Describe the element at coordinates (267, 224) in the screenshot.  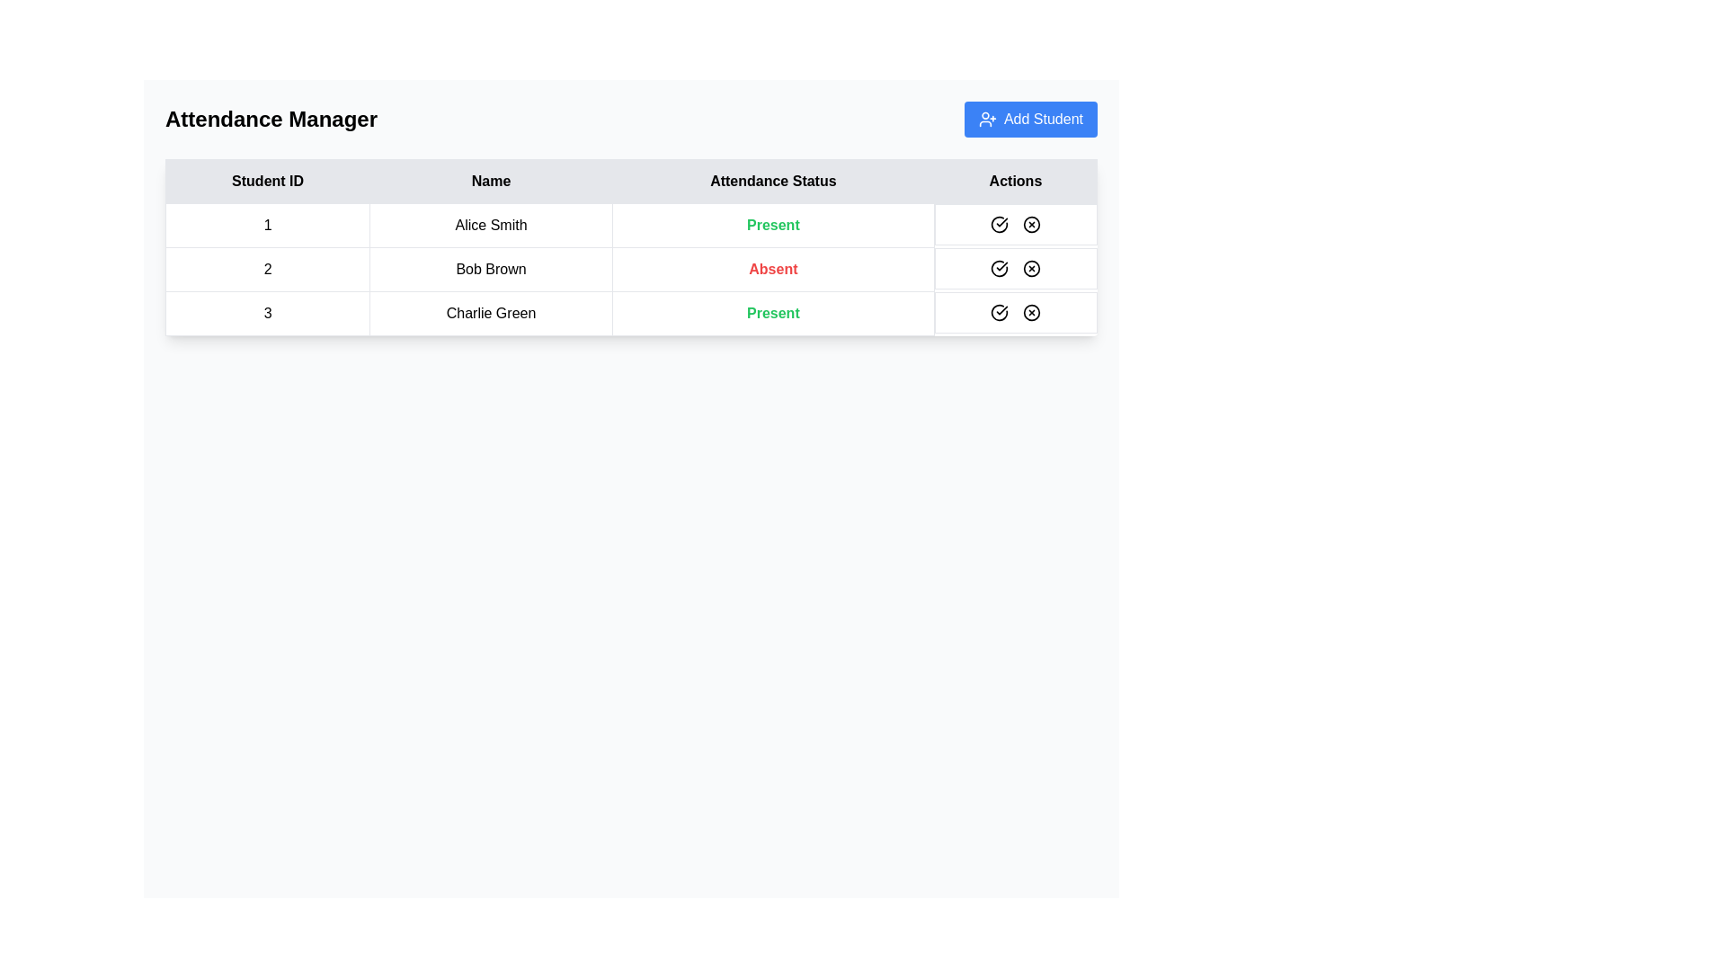
I see `the Static text element representing the student ID number '1' for Alice Smith, located in the first cell of the 'Student ID' column in the attendance table` at that location.